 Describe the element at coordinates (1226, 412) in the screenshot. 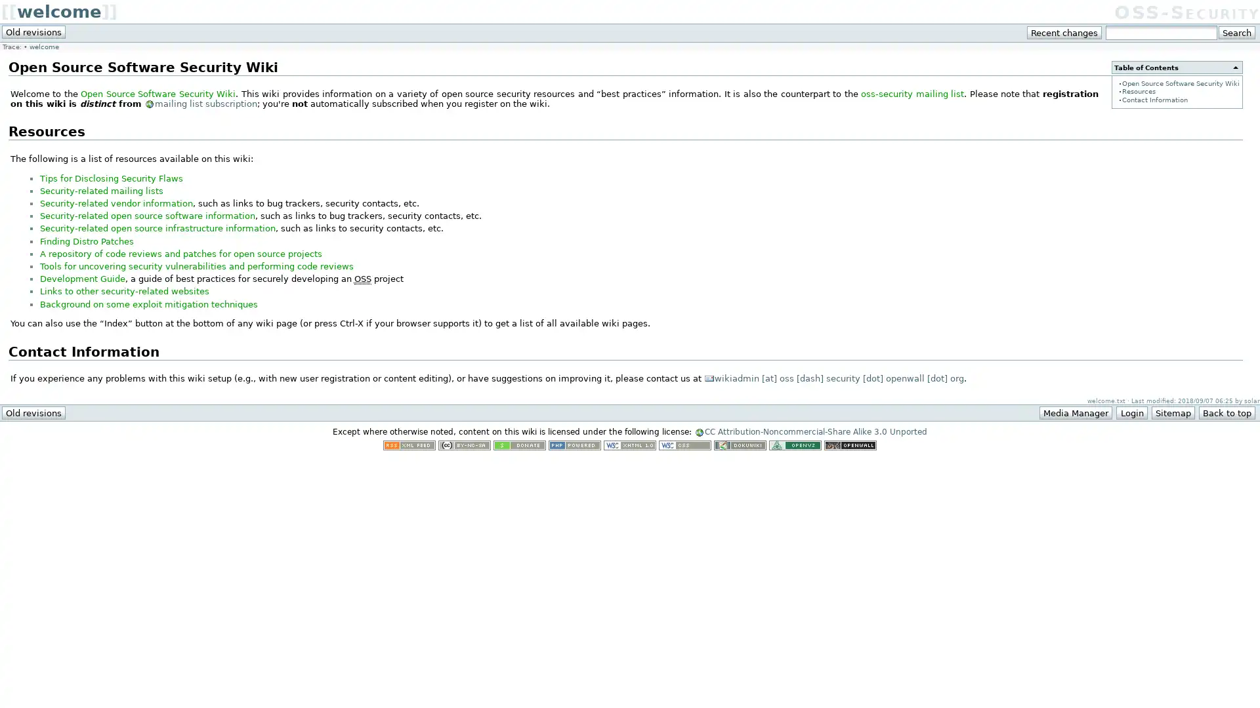

I see `Back to top` at that location.